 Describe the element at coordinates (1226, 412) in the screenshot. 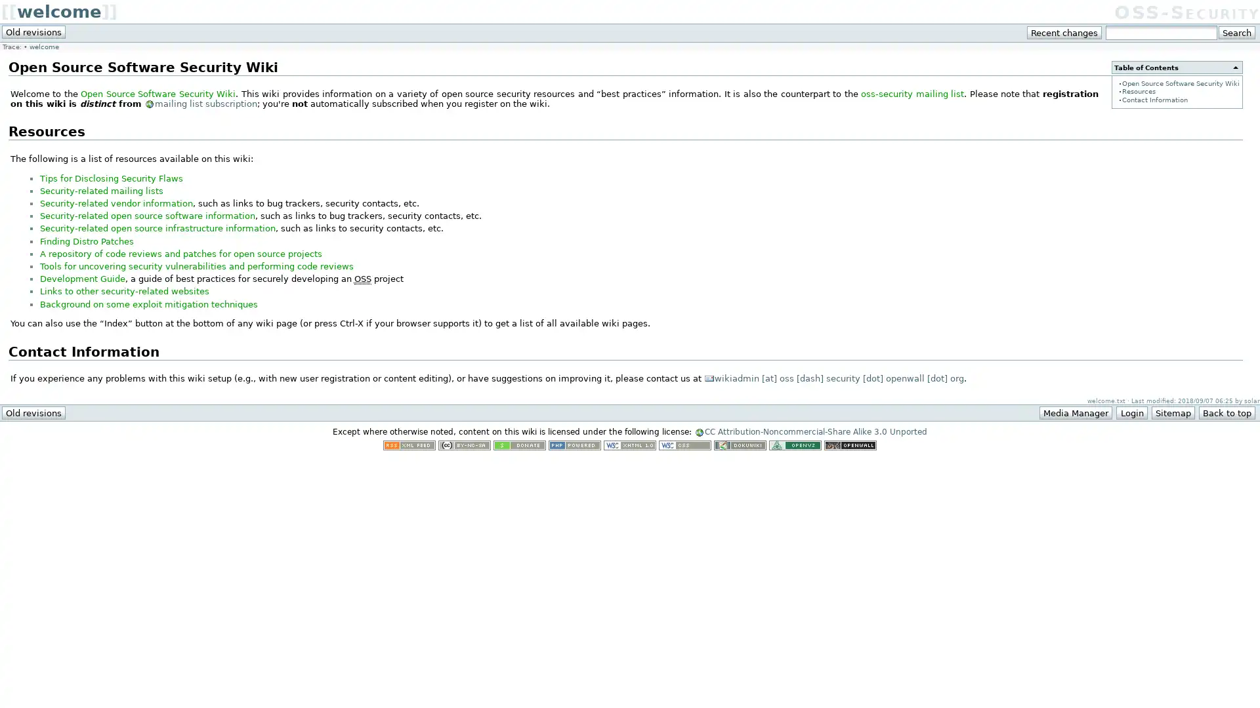

I see `Back to top` at that location.